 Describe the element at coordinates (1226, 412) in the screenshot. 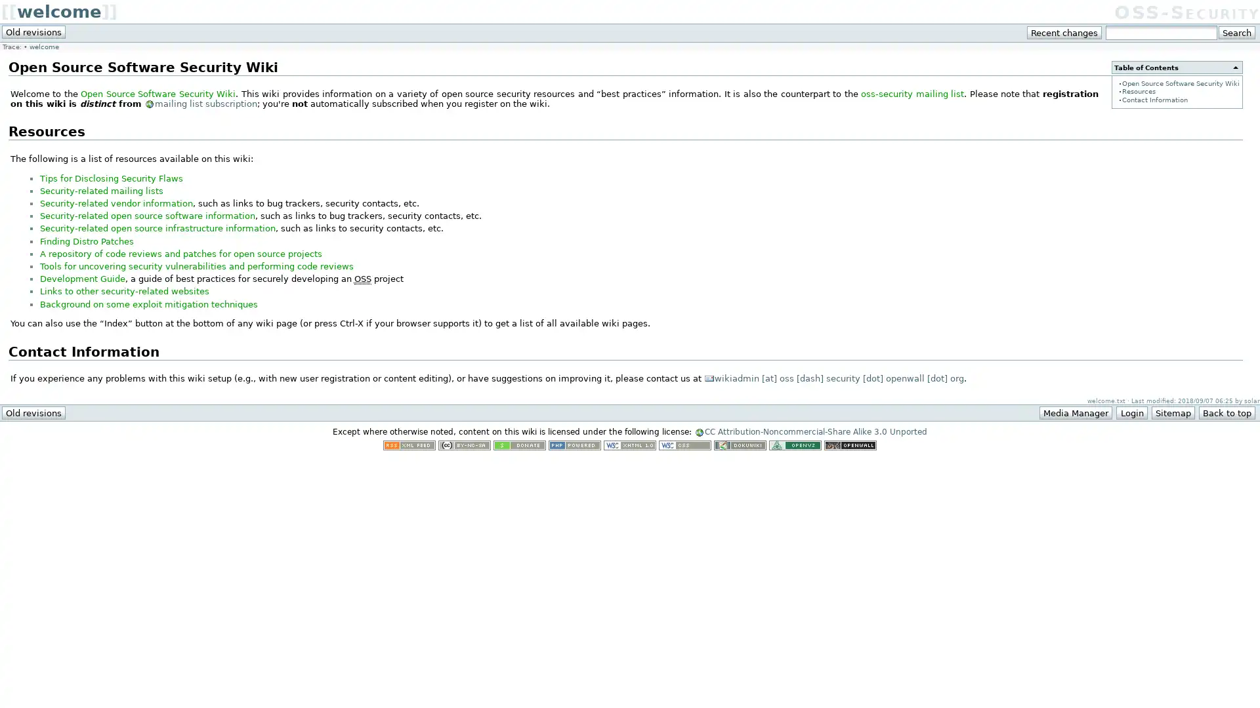

I see `Back to top` at that location.